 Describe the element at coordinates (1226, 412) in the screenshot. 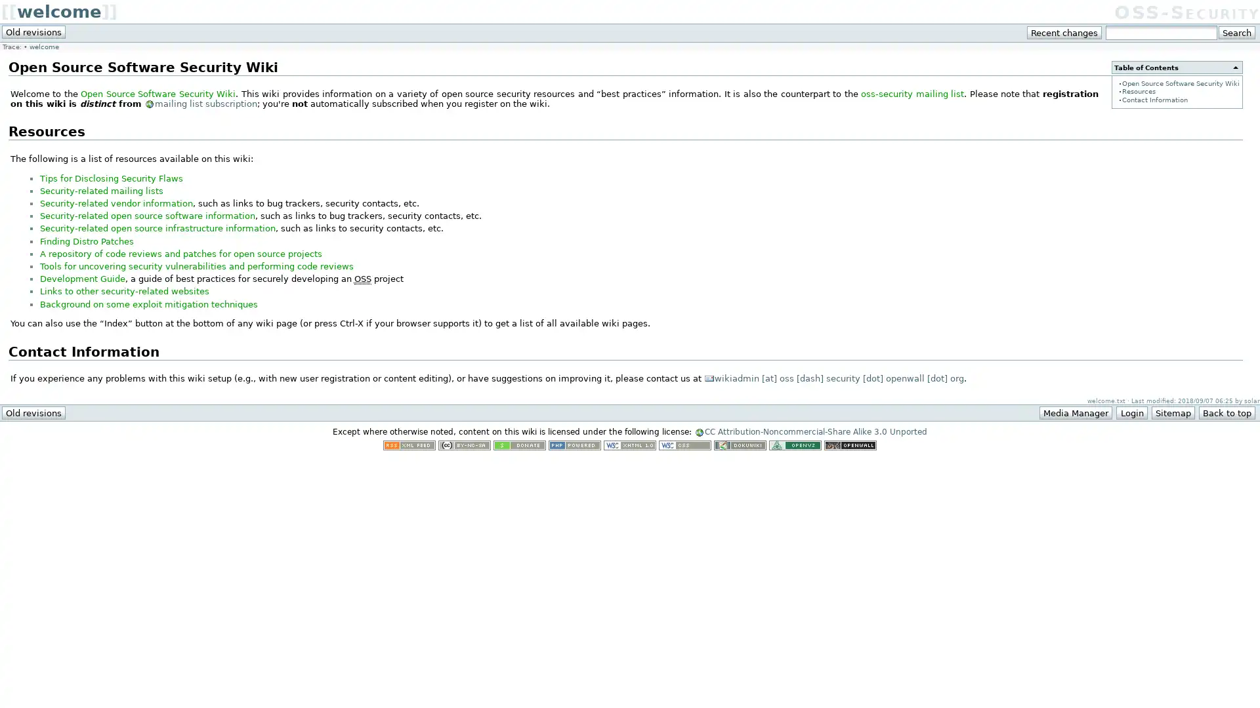

I see `Back to top` at that location.